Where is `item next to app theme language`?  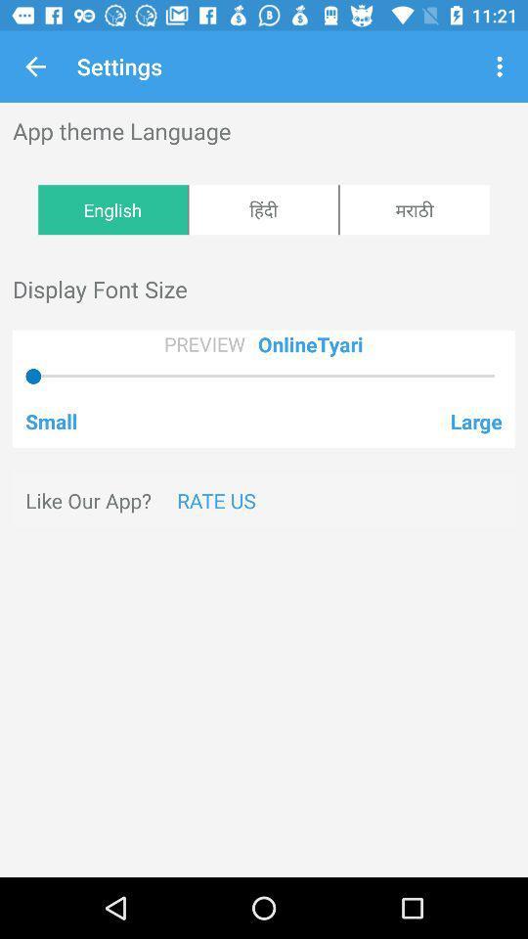
item next to app theme language is located at coordinates (502, 67).